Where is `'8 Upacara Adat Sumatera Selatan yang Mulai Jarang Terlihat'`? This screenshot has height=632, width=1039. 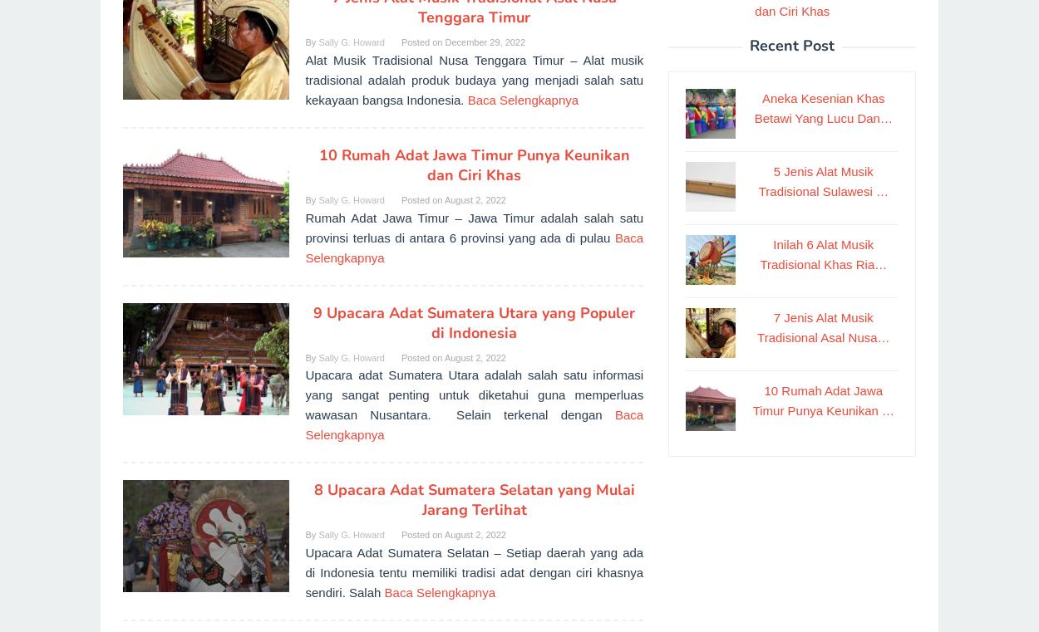 '8 Upacara Adat Sumatera Selatan yang Mulai Jarang Terlihat' is located at coordinates (313, 500).